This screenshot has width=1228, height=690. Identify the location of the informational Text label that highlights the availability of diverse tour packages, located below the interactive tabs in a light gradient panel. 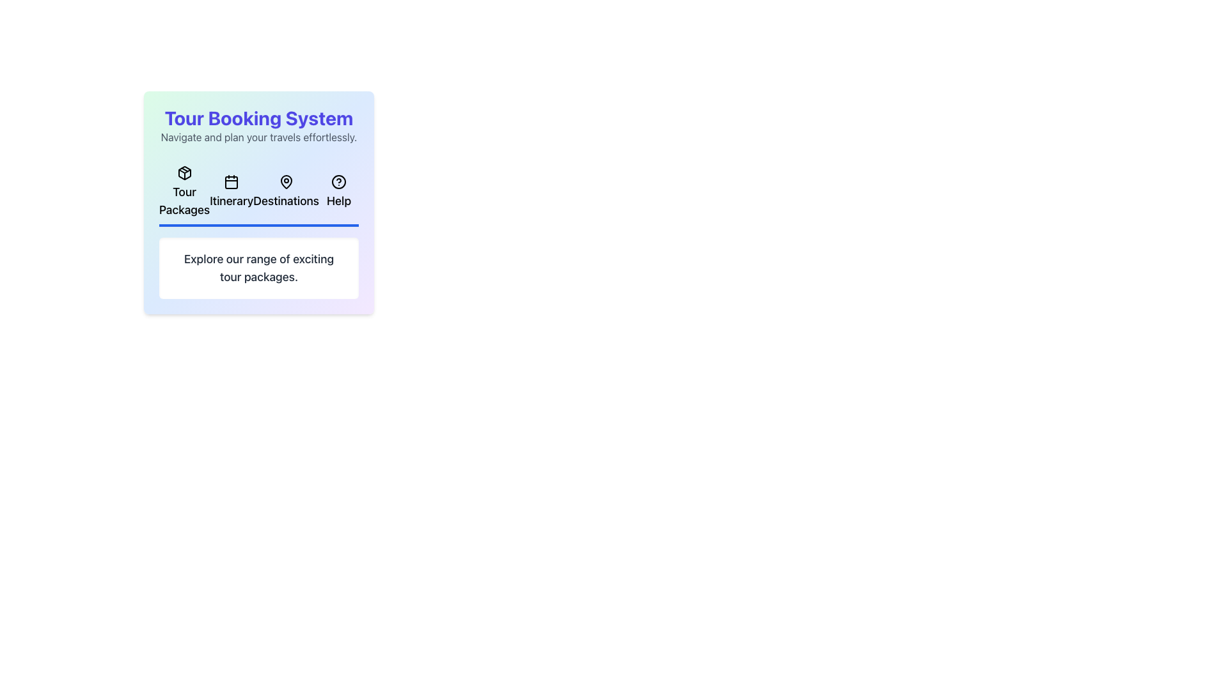
(258, 268).